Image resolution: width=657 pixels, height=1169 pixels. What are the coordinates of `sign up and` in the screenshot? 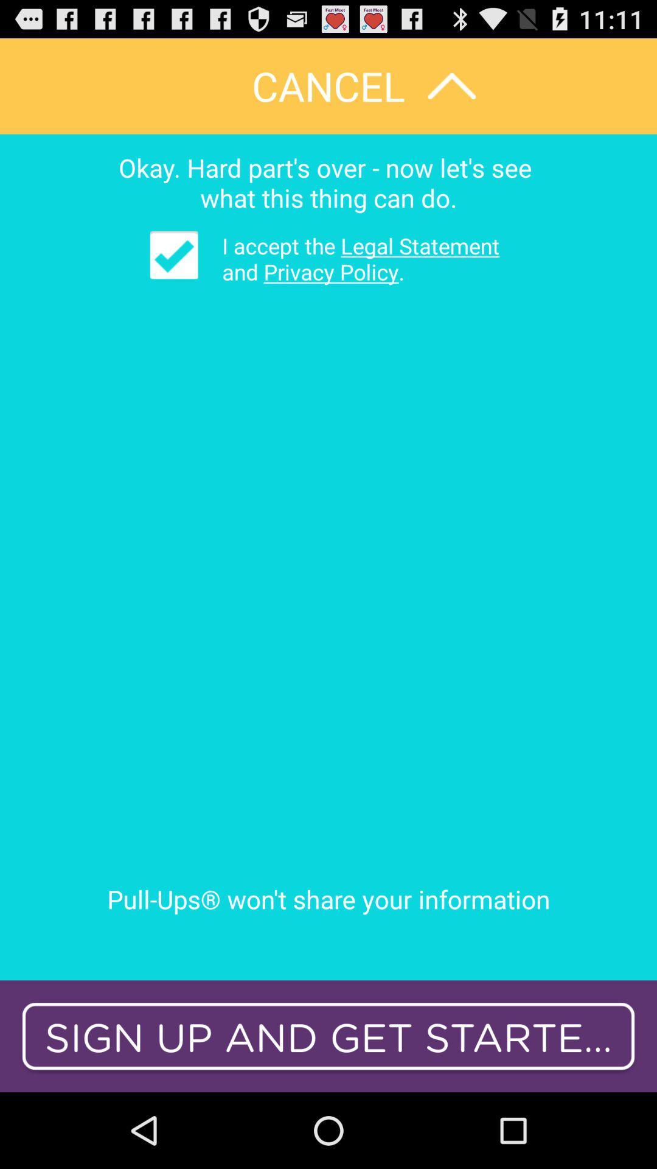 It's located at (328, 1036).